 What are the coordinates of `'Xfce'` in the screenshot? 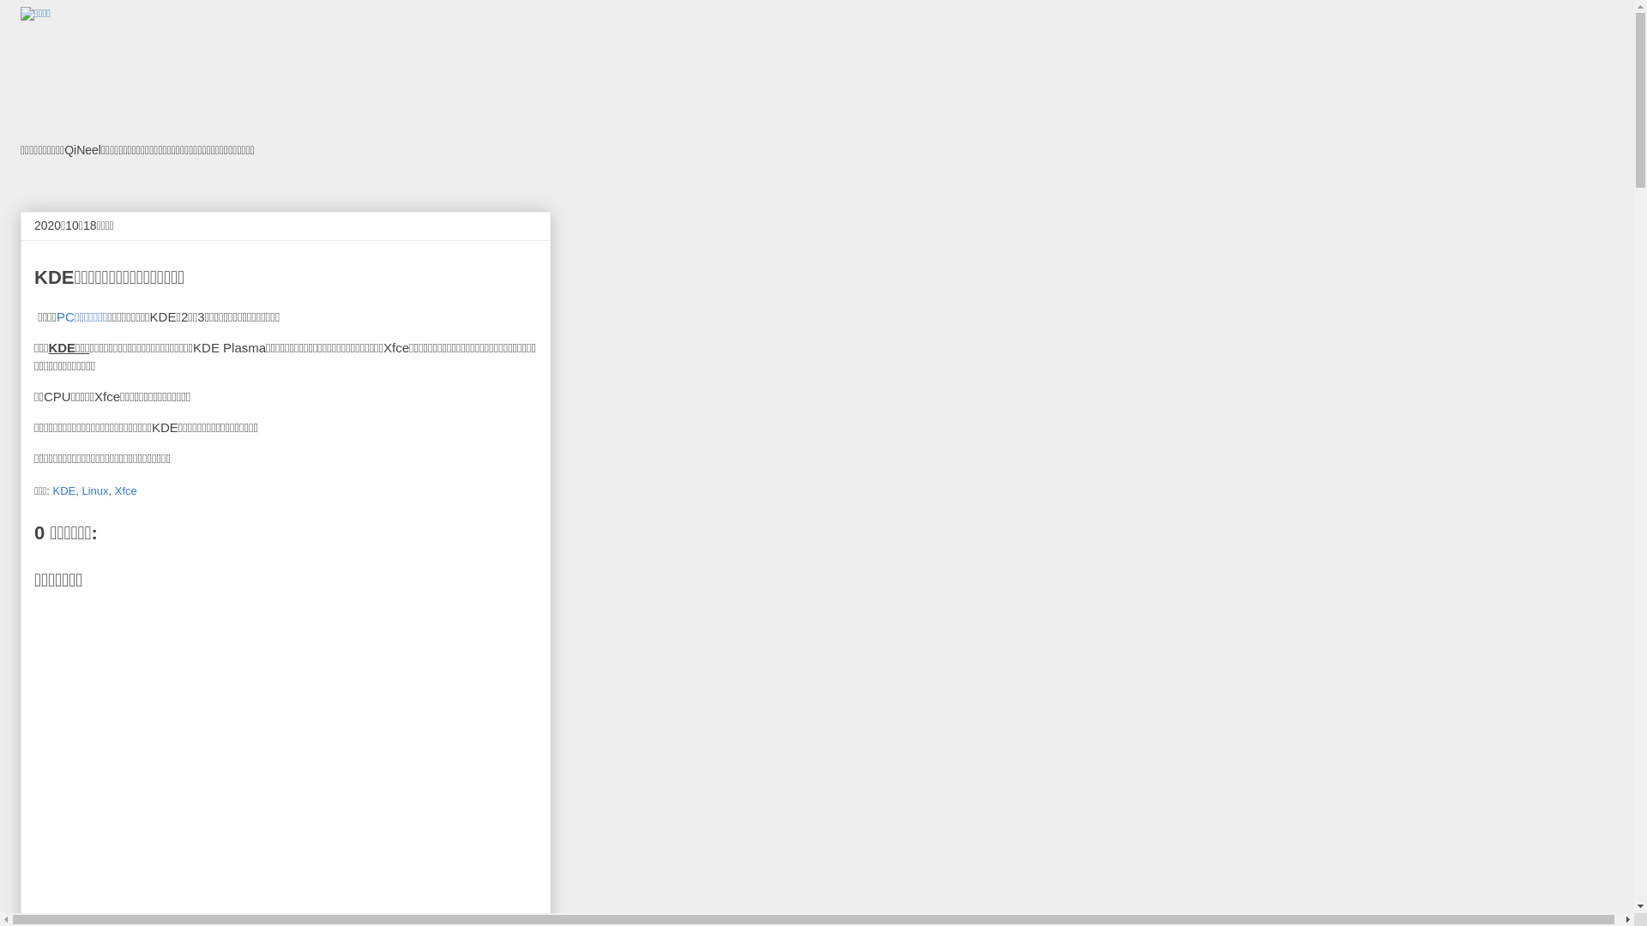 It's located at (125, 490).